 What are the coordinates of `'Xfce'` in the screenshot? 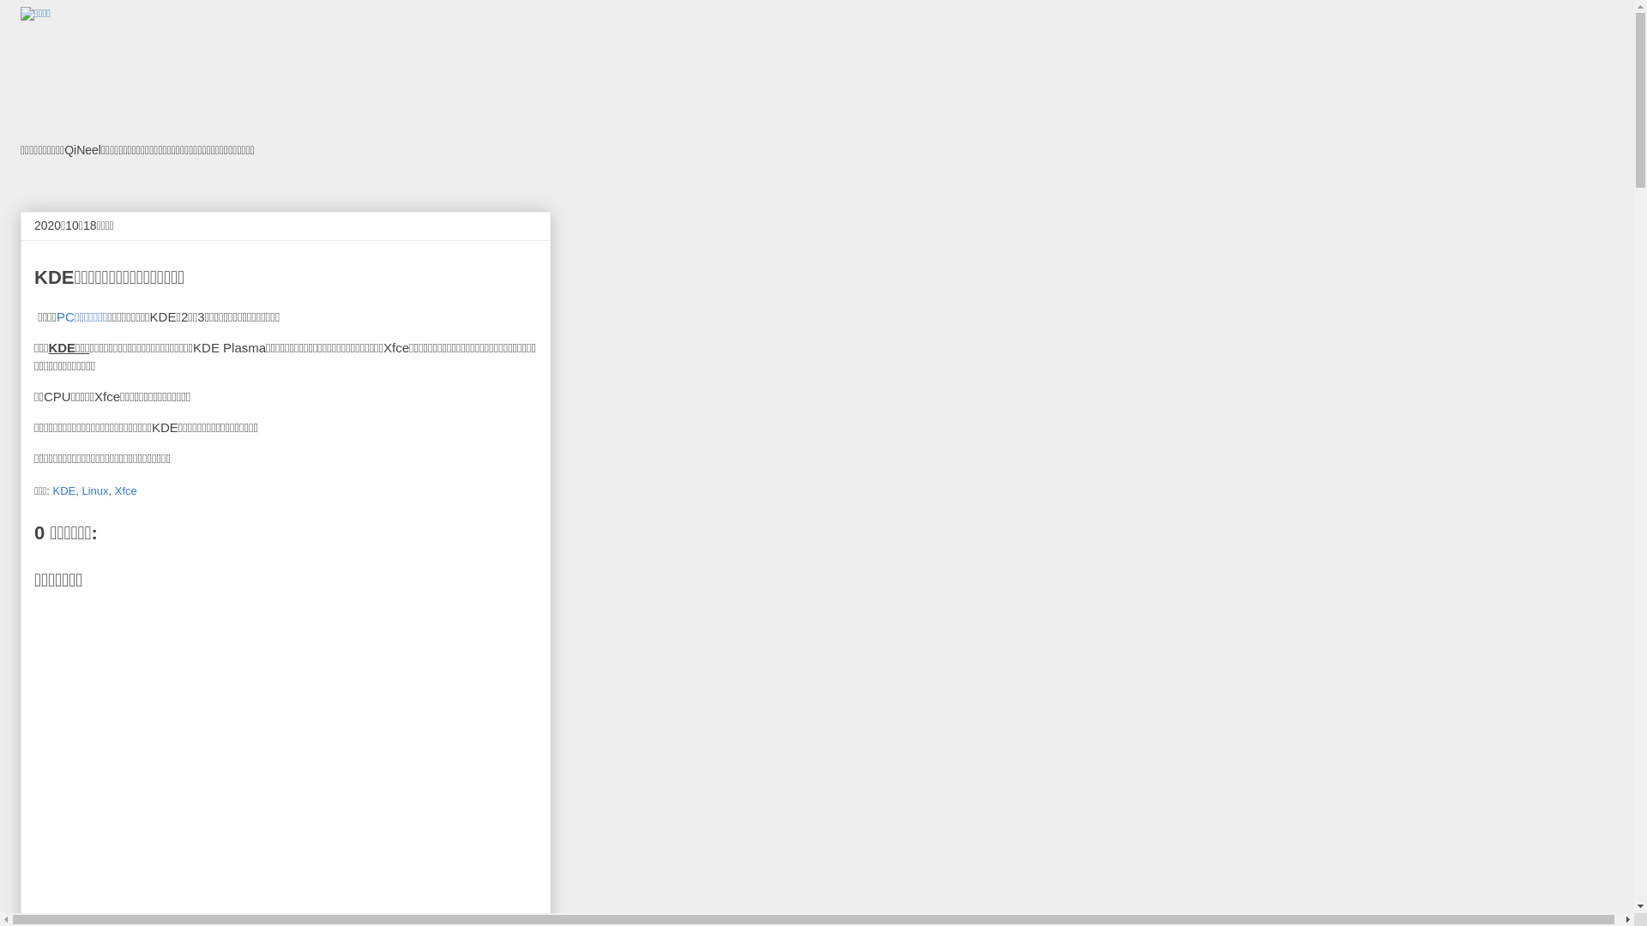 It's located at (125, 490).